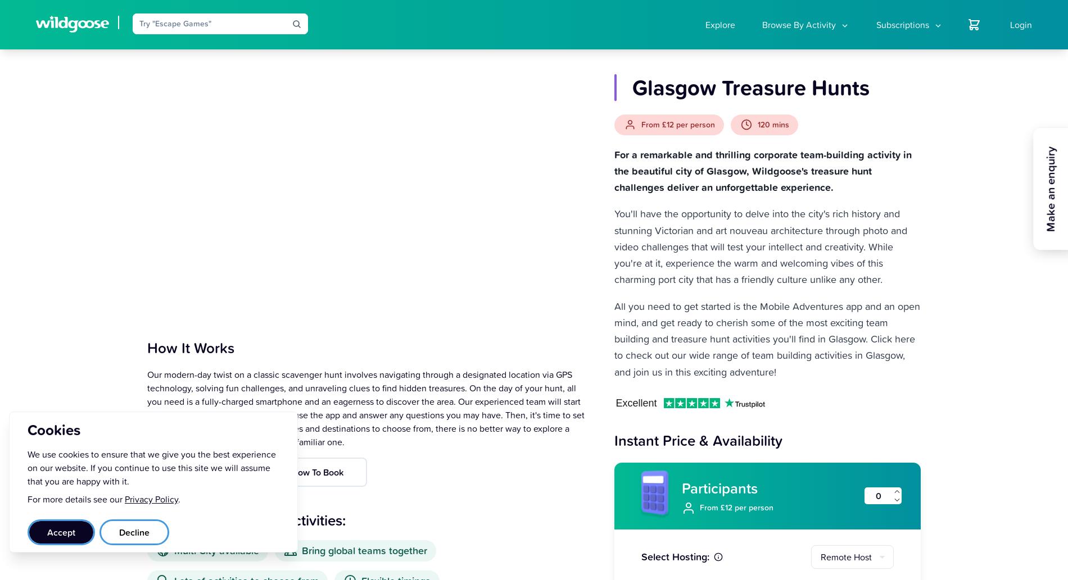  I want to click on 'Make an enquiry', so click(1050, 188).